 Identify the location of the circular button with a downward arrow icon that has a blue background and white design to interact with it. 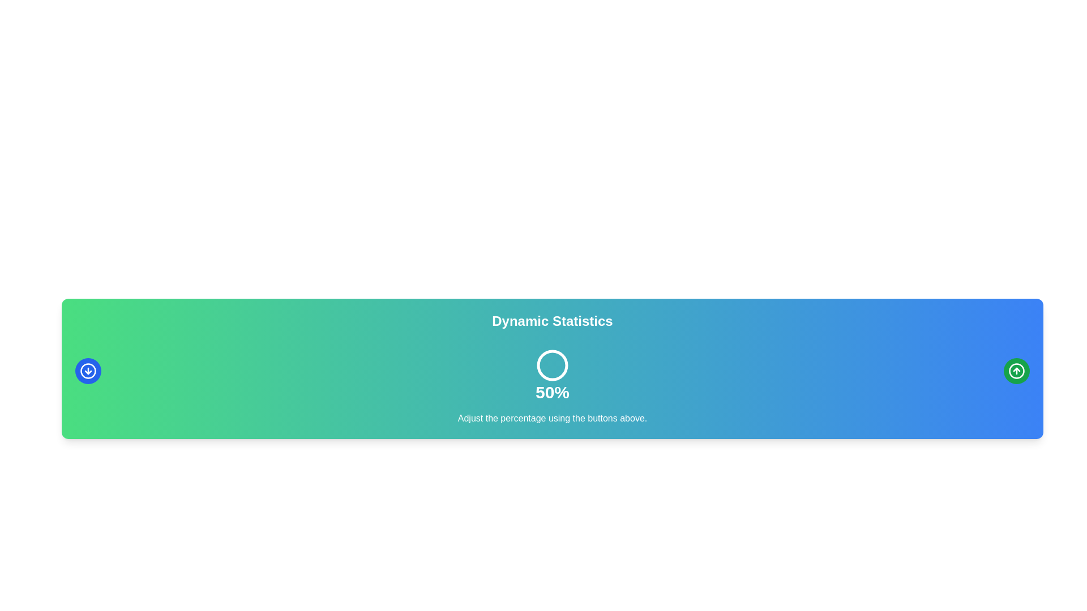
(88, 371).